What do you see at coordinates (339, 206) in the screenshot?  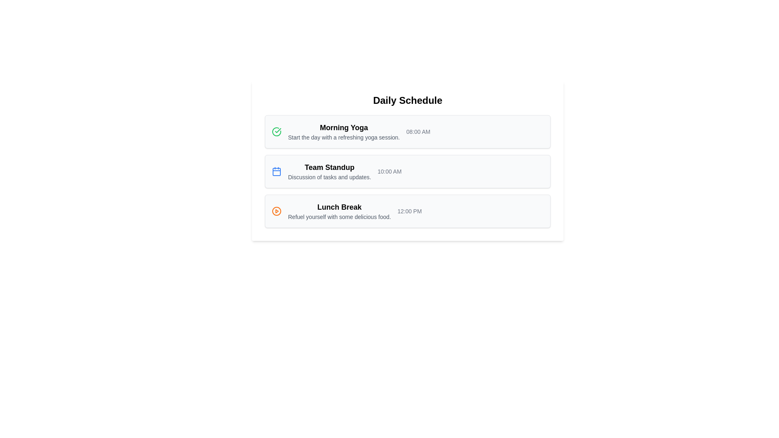 I see `the 'Lunch Break' text label, which is styled in bold and located above the description 'Refuel yourself with some delicious food.'` at bounding box center [339, 206].